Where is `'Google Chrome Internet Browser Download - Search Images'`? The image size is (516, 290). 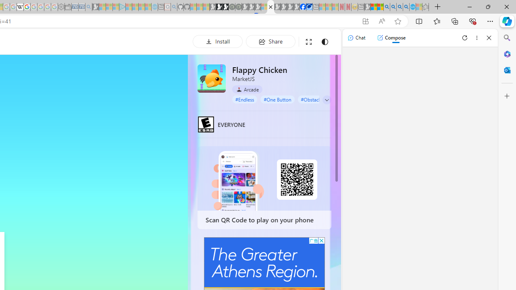 'Google Chrome Internet Browser Download - Search Images' is located at coordinates (406, 7).